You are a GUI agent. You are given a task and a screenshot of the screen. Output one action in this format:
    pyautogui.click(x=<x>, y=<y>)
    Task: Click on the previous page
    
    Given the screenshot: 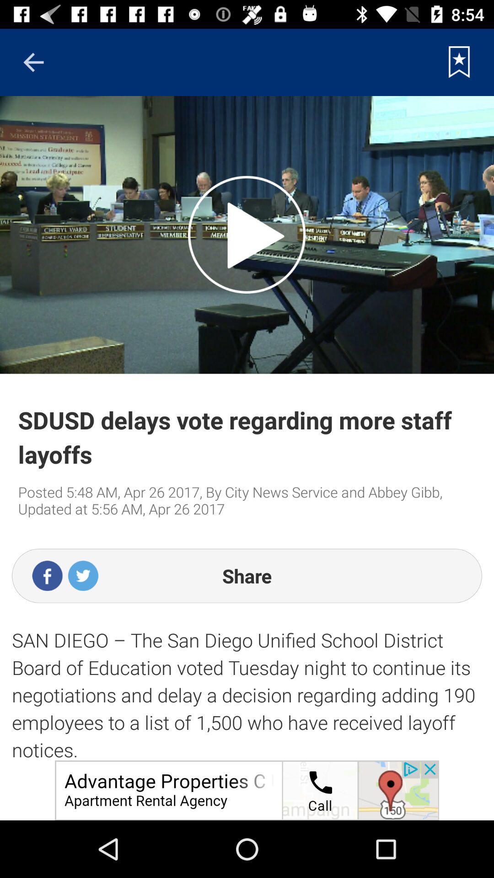 What is the action you would take?
    pyautogui.click(x=33, y=62)
    